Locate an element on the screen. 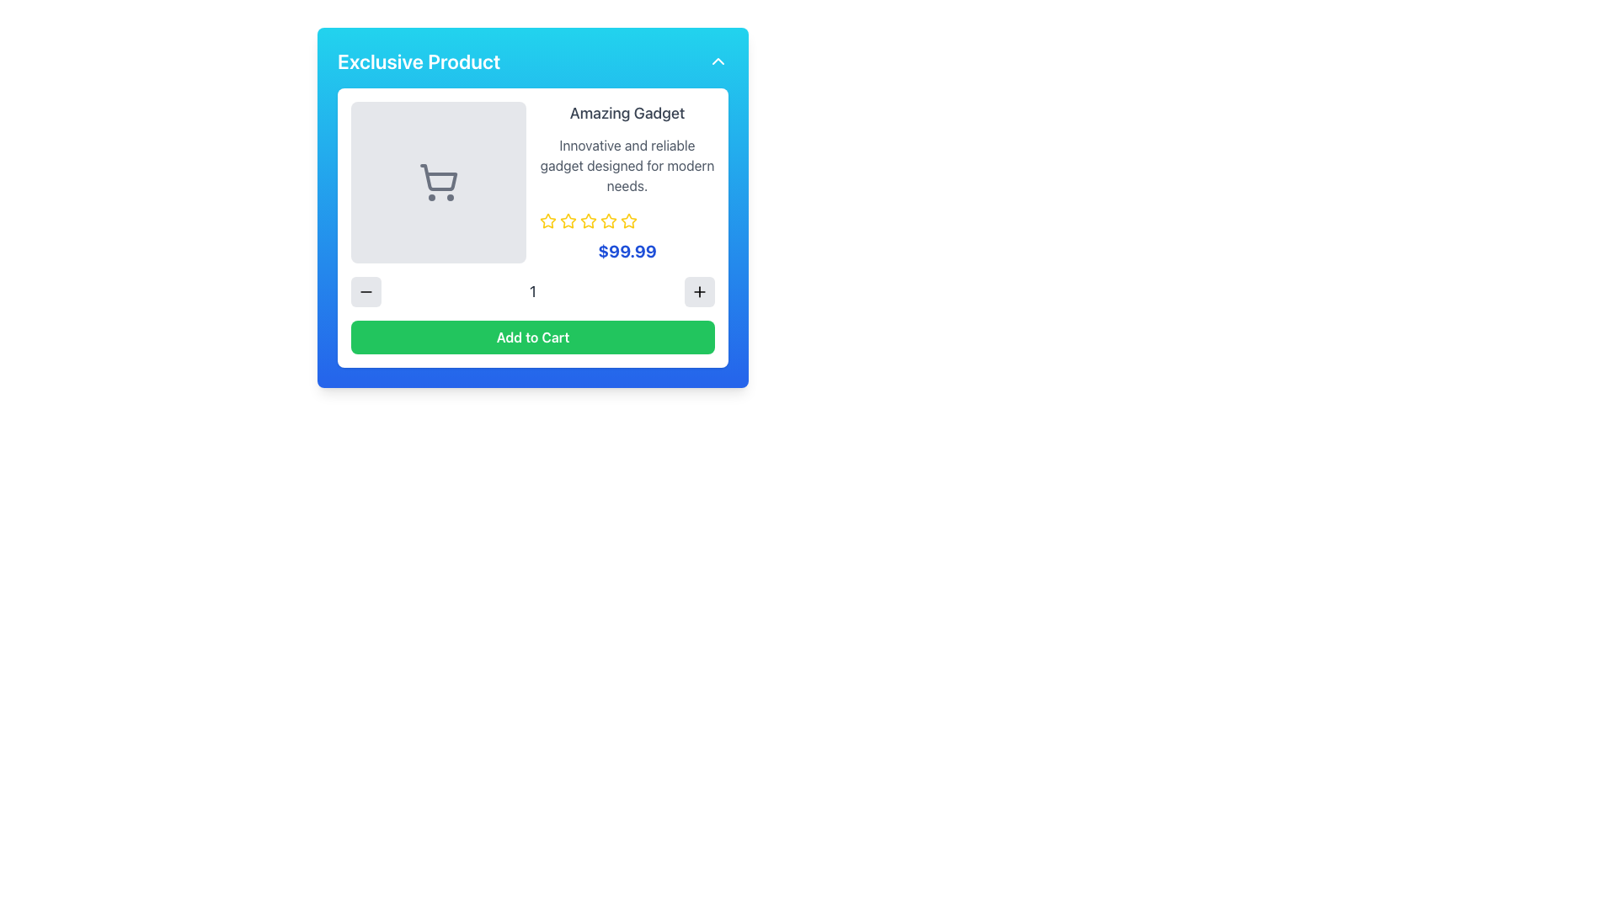 Image resolution: width=1617 pixels, height=909 pixels. the second star icon in the rating interface is located at coordinates (568, 220).